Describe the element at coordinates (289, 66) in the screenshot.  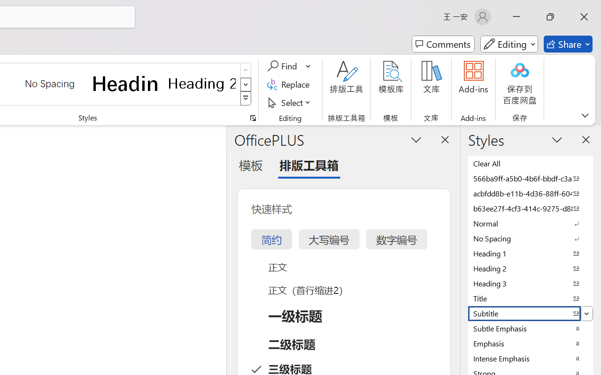
I see `'Find'` at that location.